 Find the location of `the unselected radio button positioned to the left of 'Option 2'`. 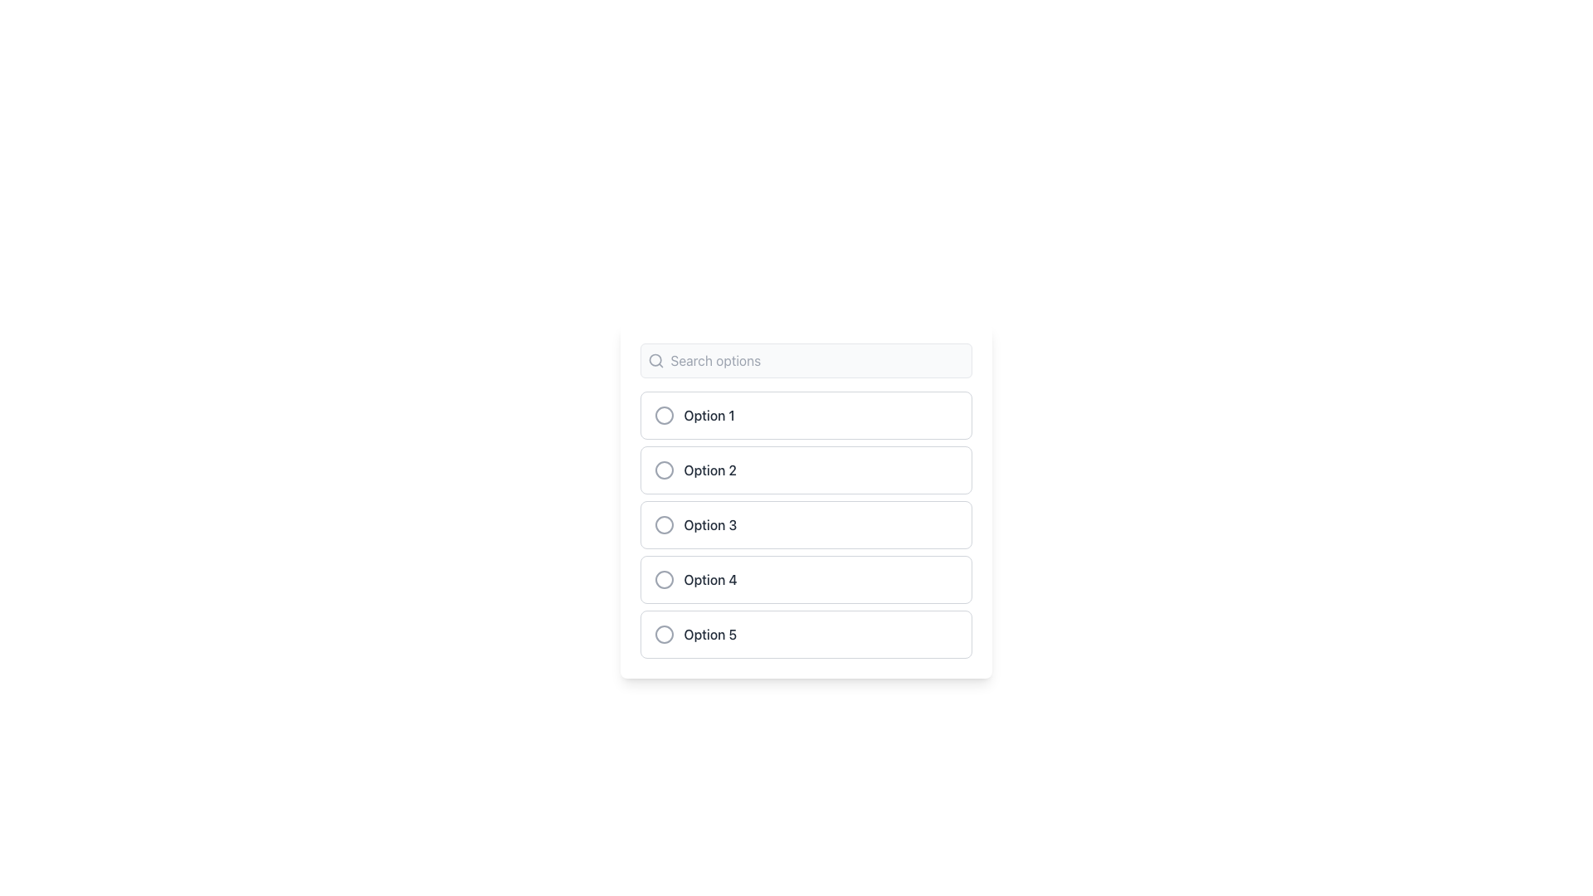

the unselected radio button positioned to the left of 'Option 2' is located at coordinates (664, 470).